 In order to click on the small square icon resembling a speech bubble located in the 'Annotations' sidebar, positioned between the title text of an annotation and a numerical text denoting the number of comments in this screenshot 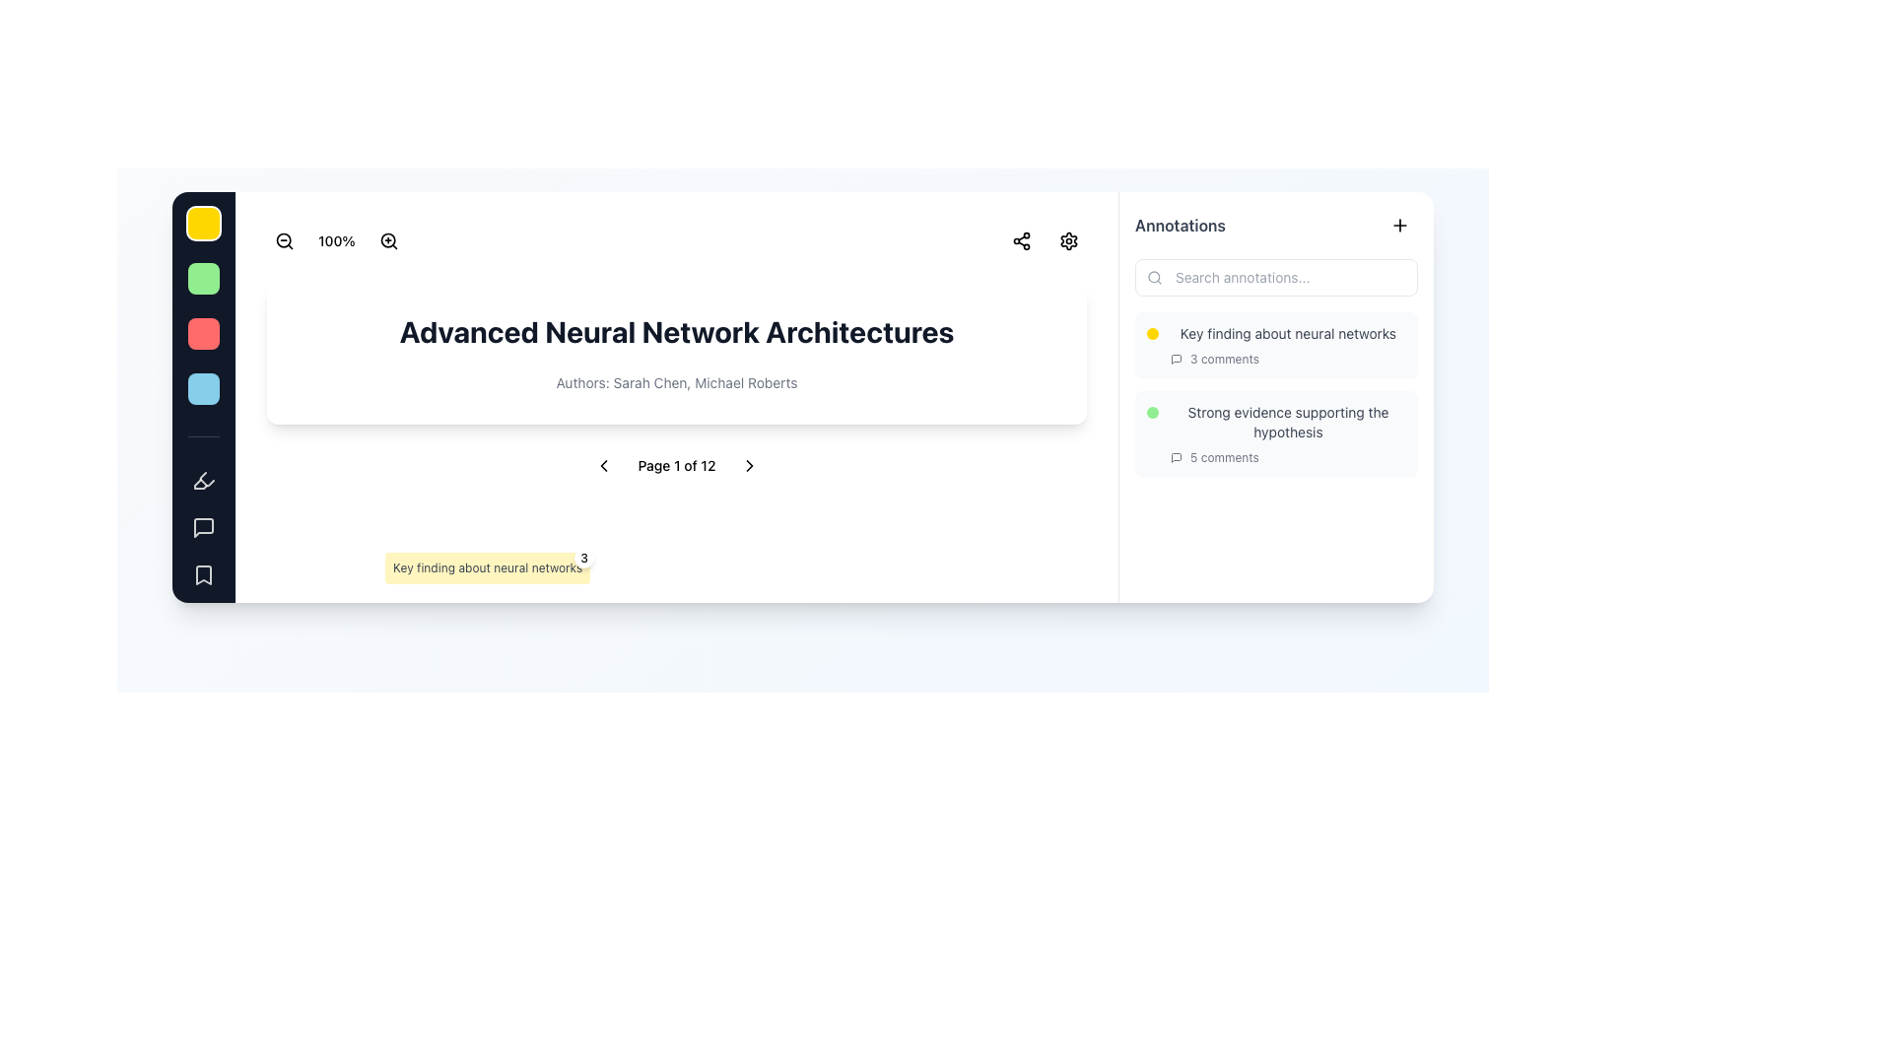, I will do `click(1177, 458)`.